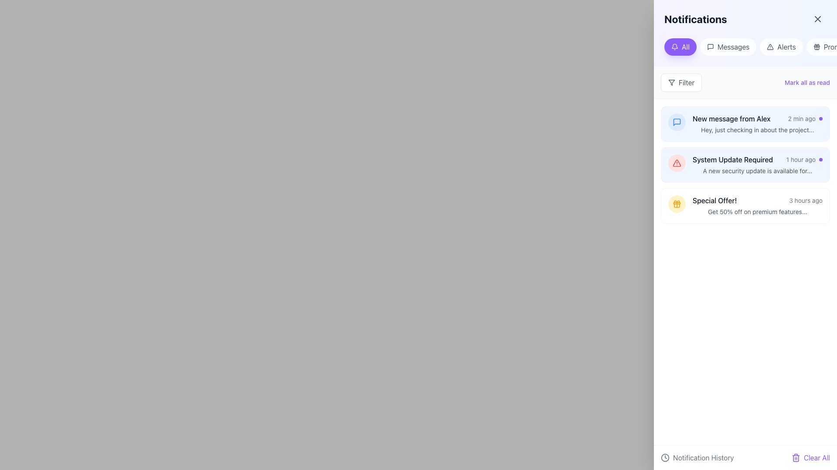 The height and width of the screenshot is (470, 837). What do you see at coordinates (665, 457) in the screenshot?
I see `the circular clock icon with a white interior and a black outline, located to the left of the 'Notification History' text in the footer` at bounding box center [665, 457].